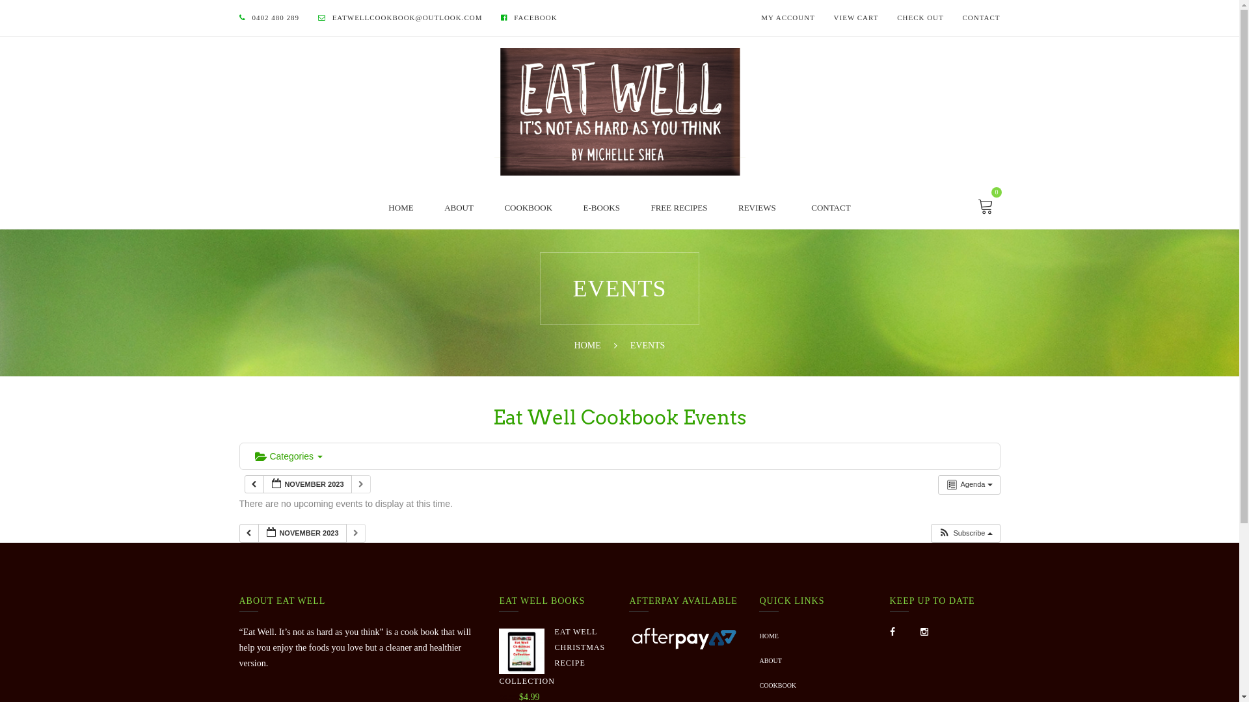  I want to click on 'EATWELLCOOKBOOK@OUTLOOK.COM', so click(407, 18).